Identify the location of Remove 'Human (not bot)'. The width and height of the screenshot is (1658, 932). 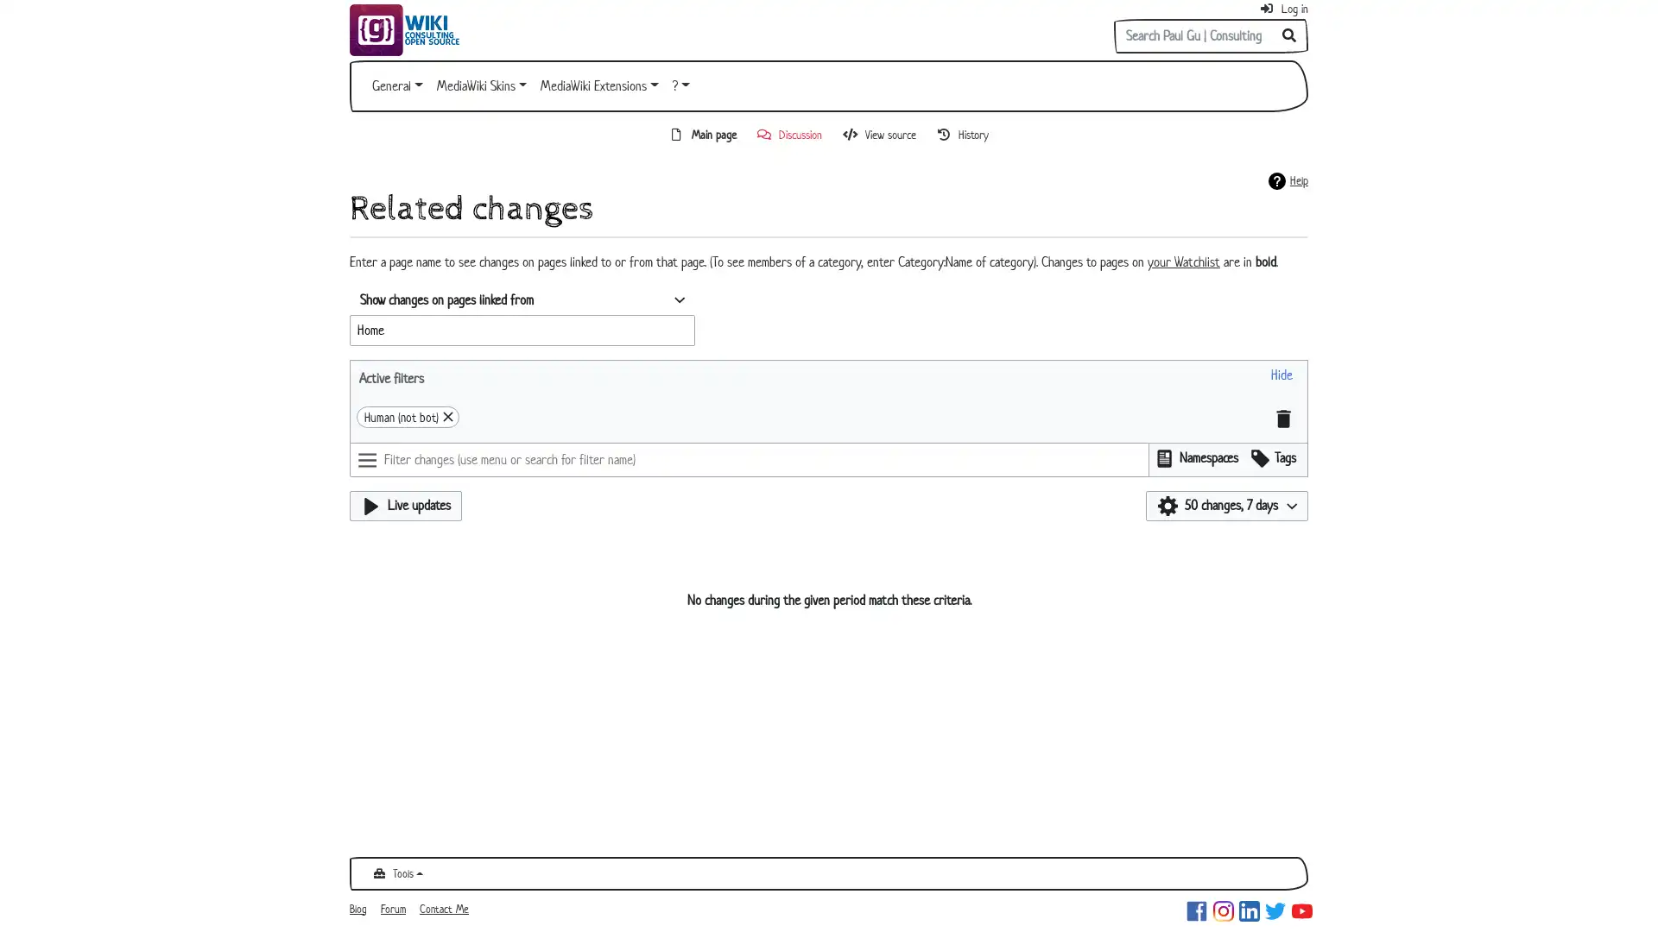
(448, 416).